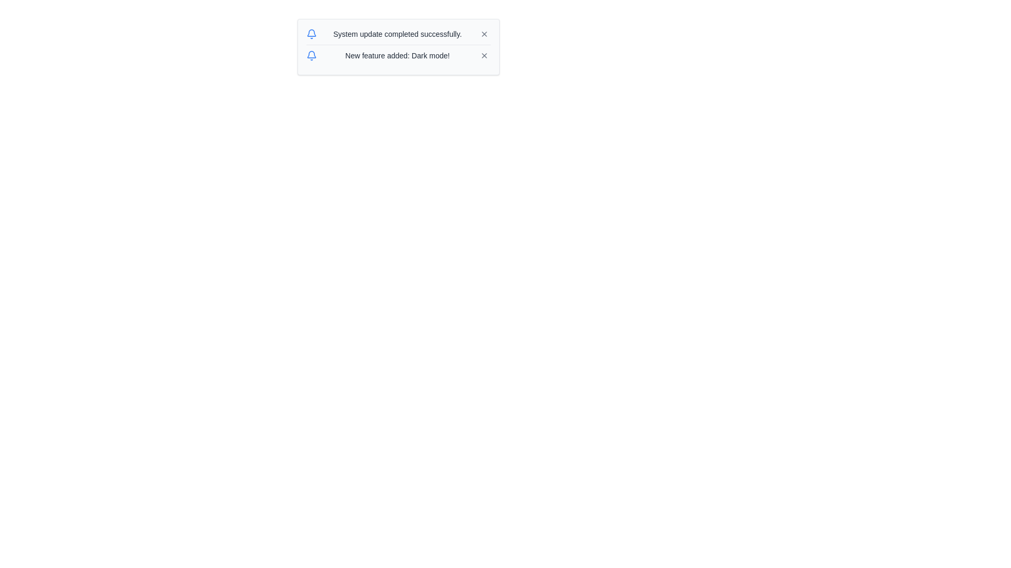 The image size is (1011, 568). Describe the element at coordinates (484, 55) in the screenshot. I see `the close button represented by an 'x' icon, outlined in gray, located at the far right of the notification message panel about the new dark mode feature` at that location.